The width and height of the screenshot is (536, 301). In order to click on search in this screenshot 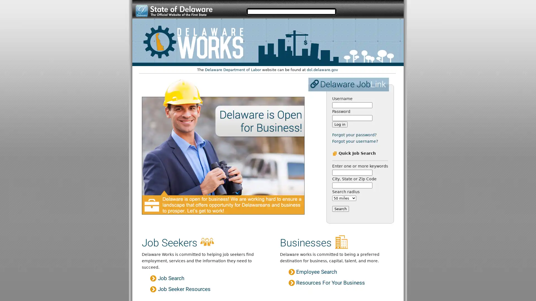, I will do `click(345, 11)`.